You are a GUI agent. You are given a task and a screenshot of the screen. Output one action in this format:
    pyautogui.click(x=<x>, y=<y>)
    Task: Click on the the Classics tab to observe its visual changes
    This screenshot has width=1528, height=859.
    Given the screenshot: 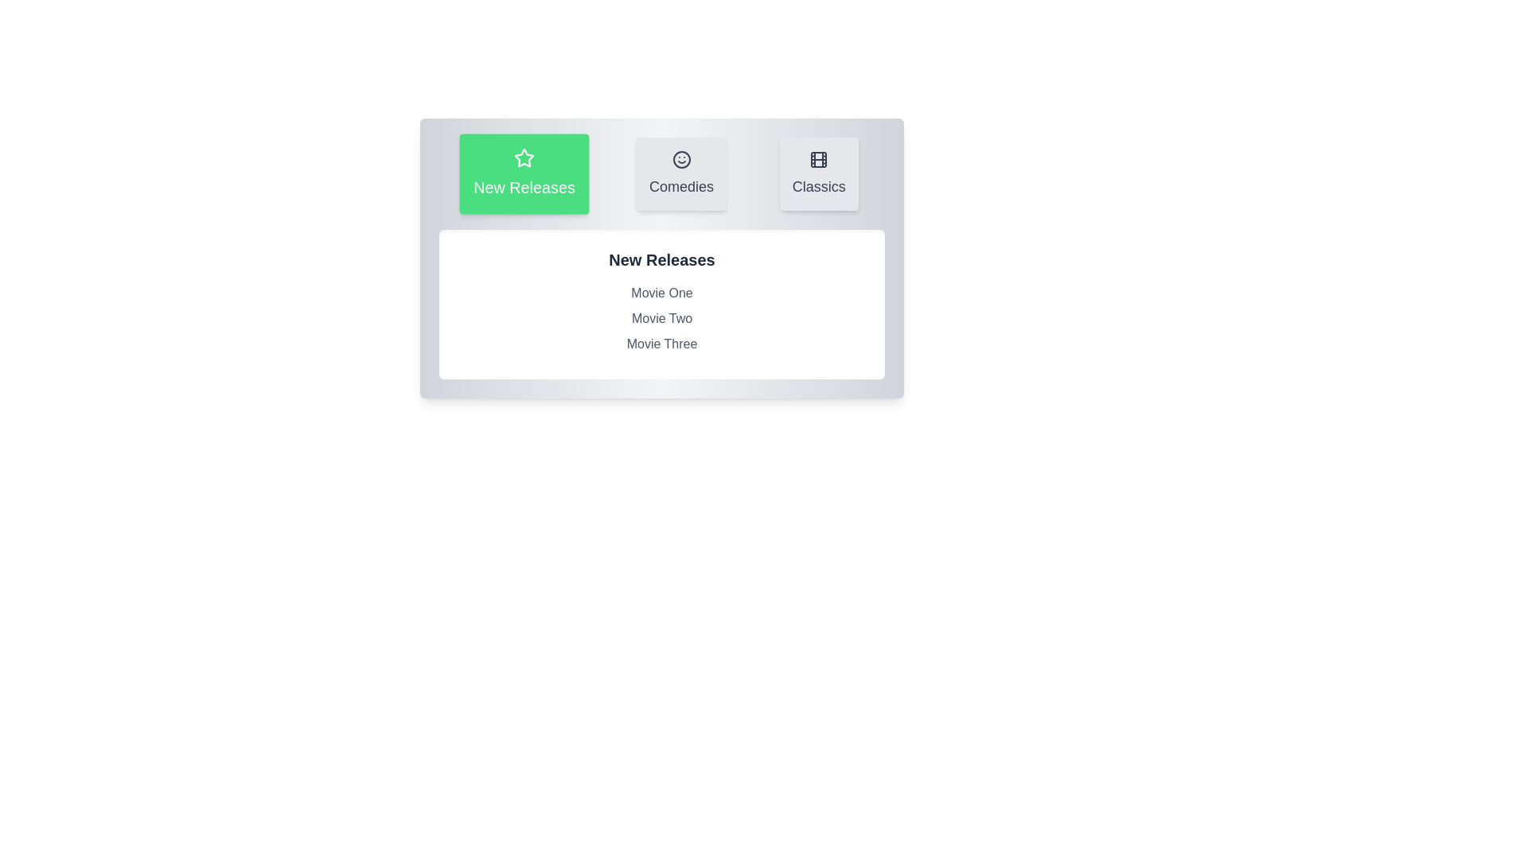 What is the action you would take?
    pyautogui.click(x=818, y=174)
    